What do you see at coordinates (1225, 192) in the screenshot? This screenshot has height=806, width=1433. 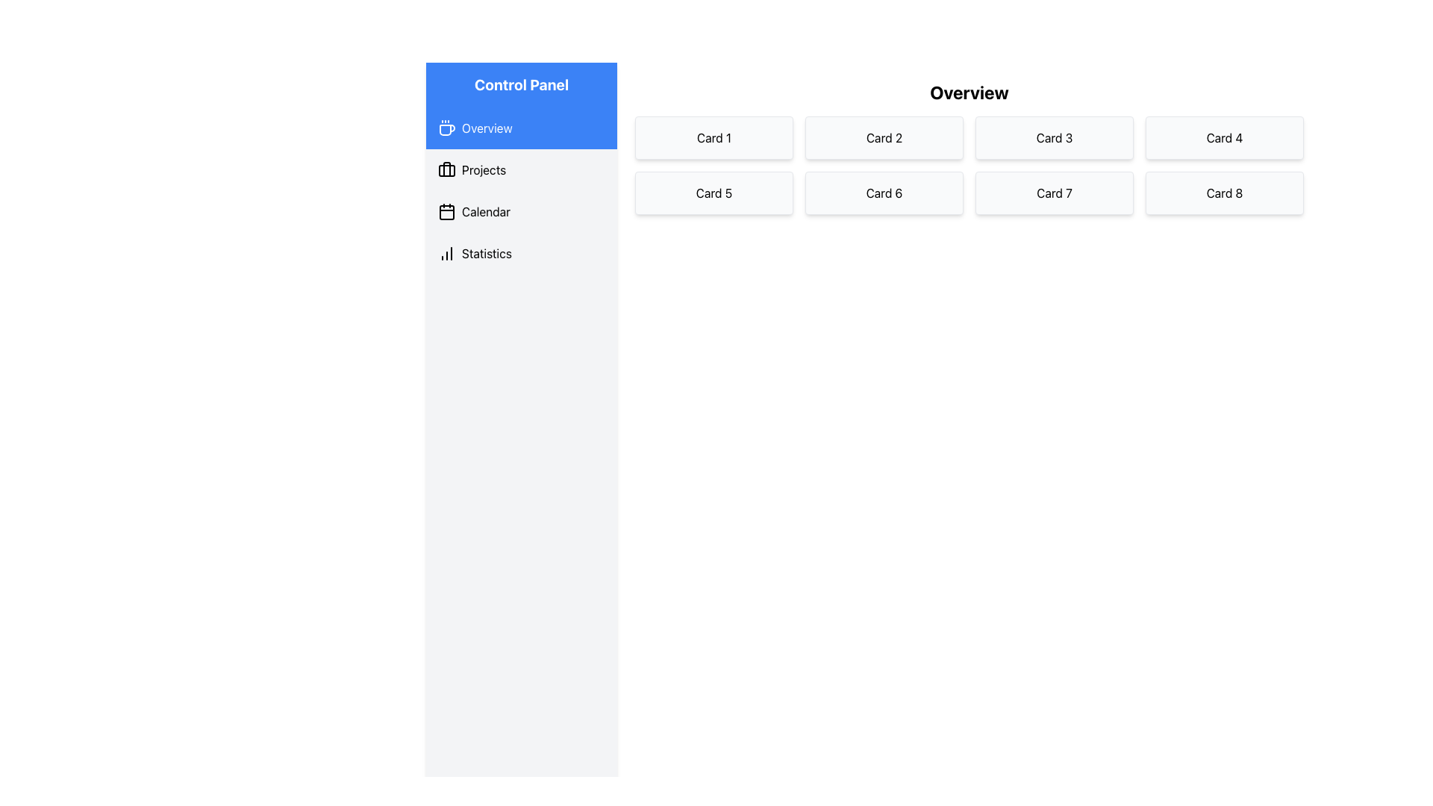 I see `the content display box associated with 'Card 8' in the bottom-right corner of the grid` at bounding box center [1225, 192].